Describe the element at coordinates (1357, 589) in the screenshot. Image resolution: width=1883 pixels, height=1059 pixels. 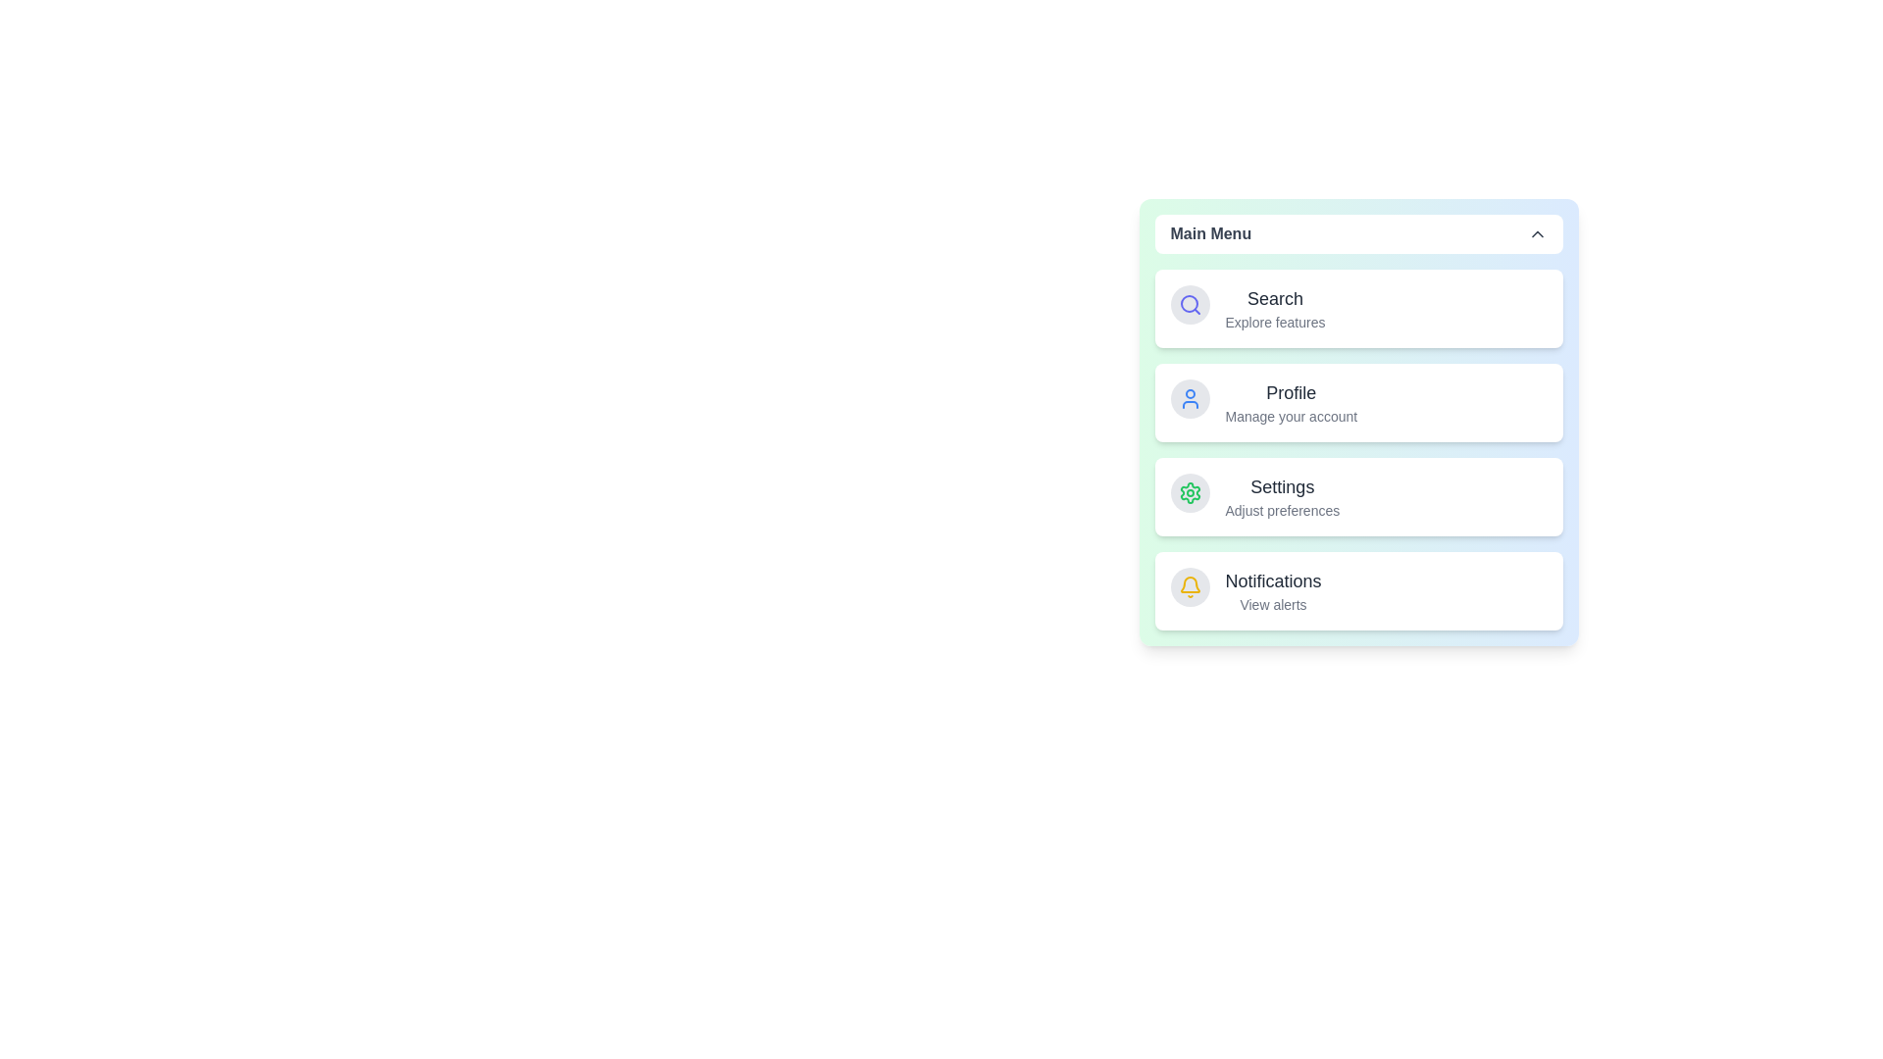
I see `the menu item corresponding to Notifications` at that location.